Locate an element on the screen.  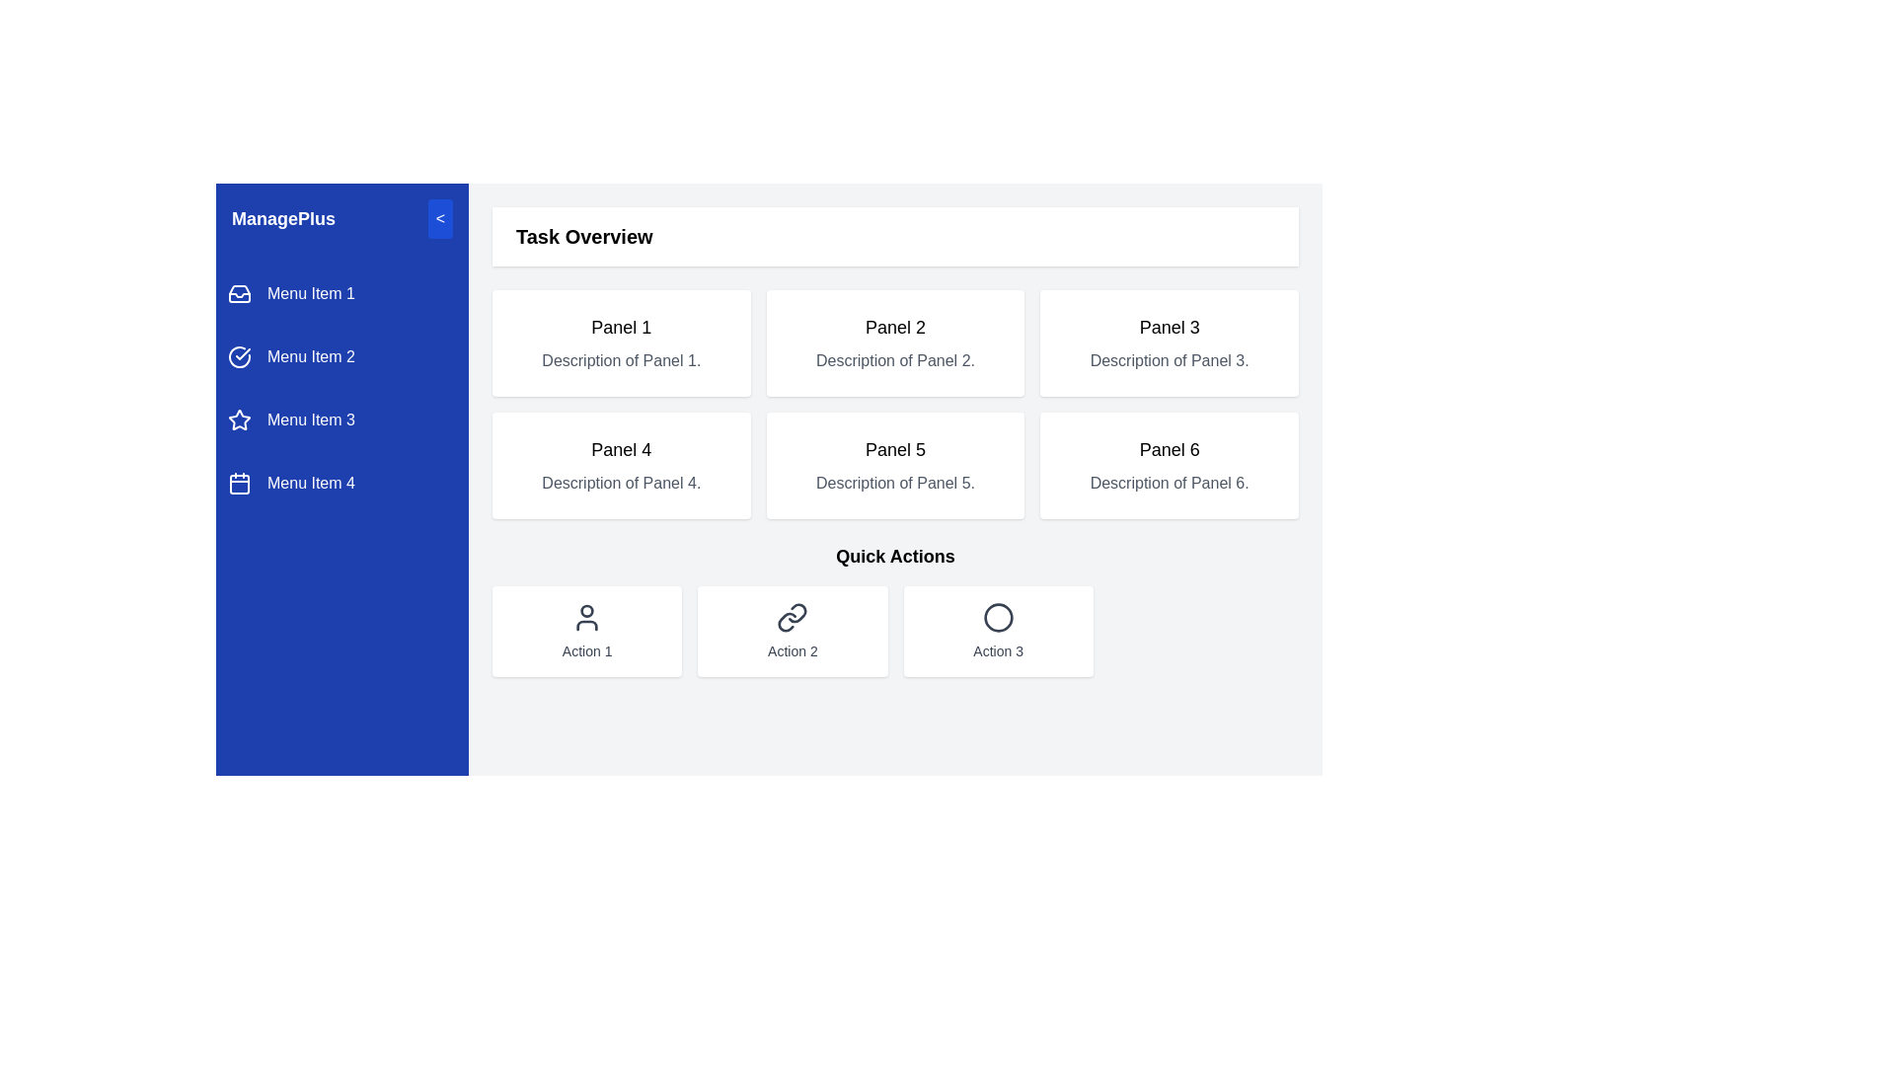
the calendar icon located in the fourth menu item of the left-hand navigation panel is located at coordinates (239, 483).